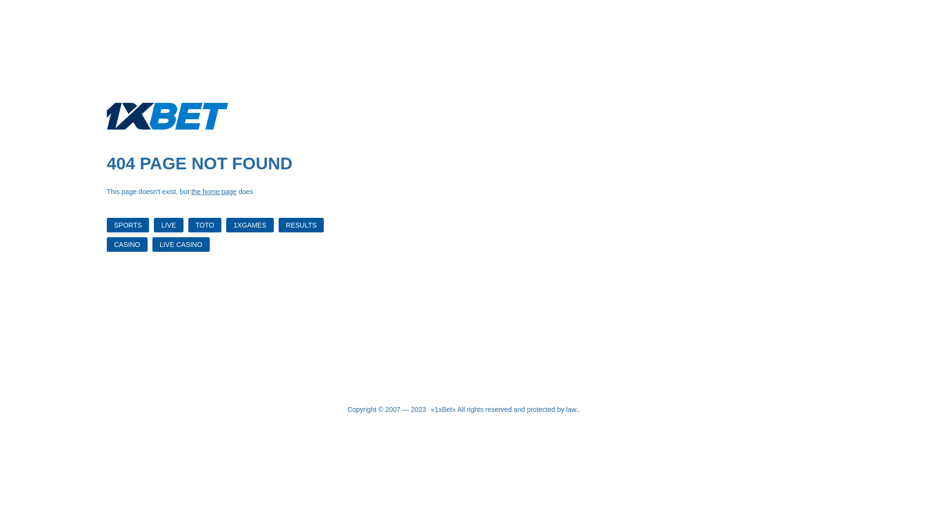 The height and width of the screenshot is (524, 932). What do you see at coordinates (191, 191) in the screenshot?
I see `'the home page'` at bounding box center [191, 191].